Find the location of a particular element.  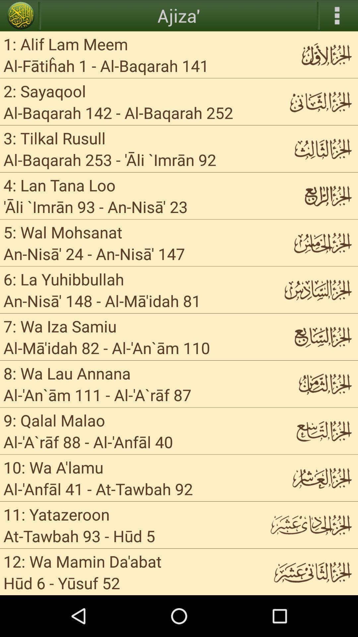

the app below al baqarah 142 icon is located at coordinates (54, 137).